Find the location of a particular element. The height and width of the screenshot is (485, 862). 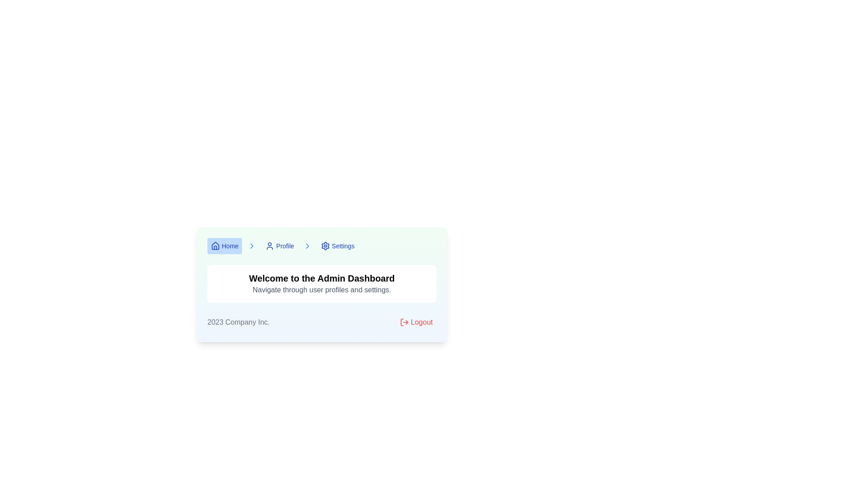

the visual representation of the blue rightward chevron icon located in the breadcrumb navigation bar, positioned between 'Profile' and 'Settings' is located at coordinates (308, 246).